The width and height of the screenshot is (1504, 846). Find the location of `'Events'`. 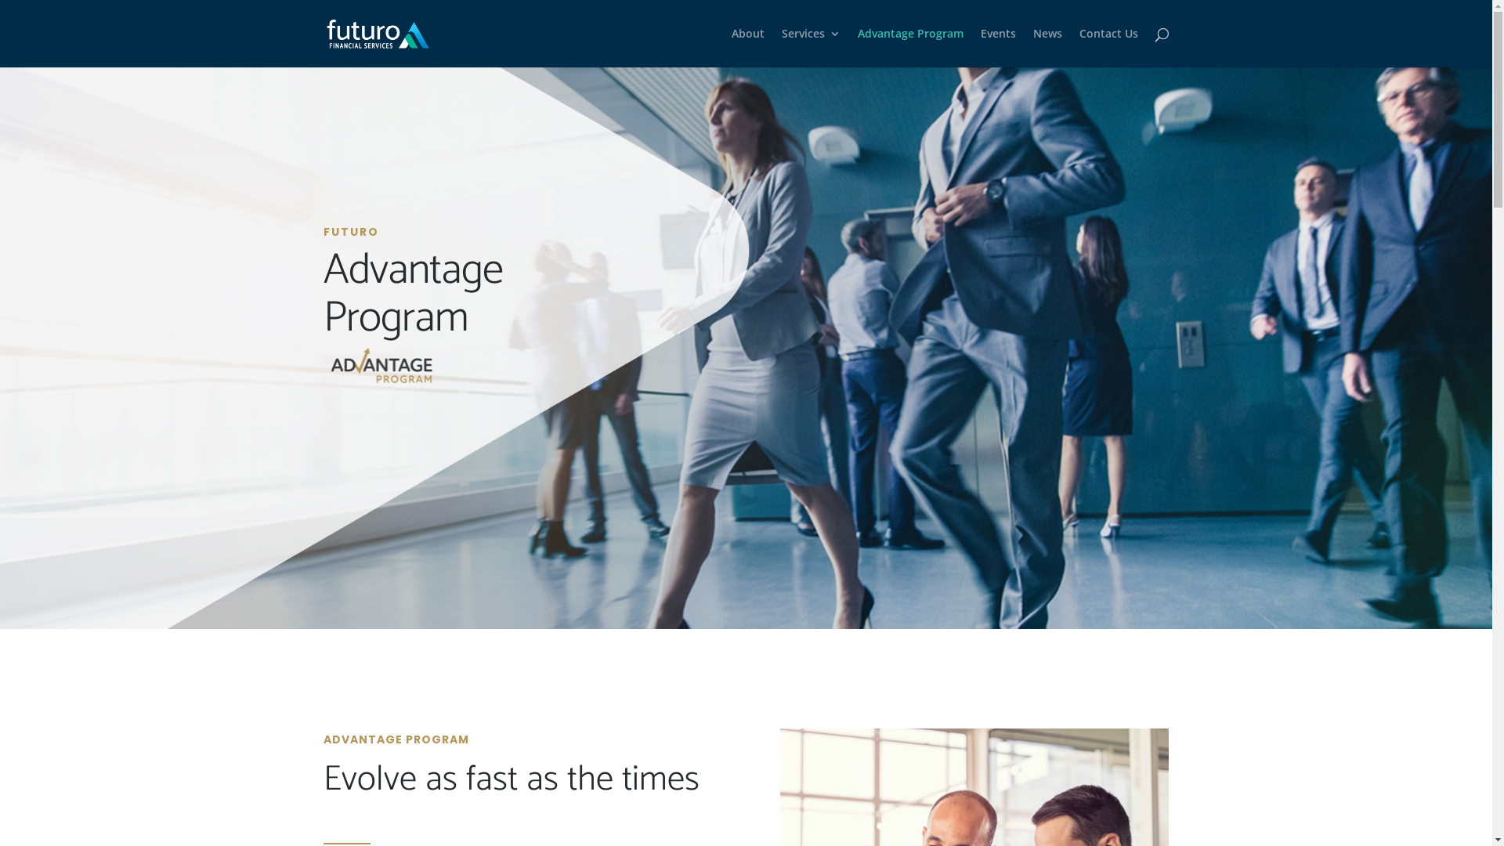

'Events' is located at coordinates (997, 47).